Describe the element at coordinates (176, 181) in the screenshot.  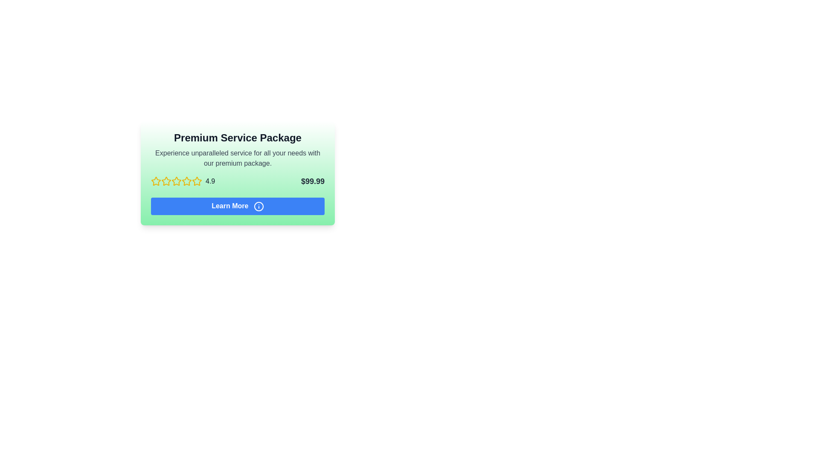
I see `the second star icon from the left in a row of five stars, which has a hollow yellow outline and a light green background, located below 'Premium Service Package' and to the left of the rating number 4.9` at that location.